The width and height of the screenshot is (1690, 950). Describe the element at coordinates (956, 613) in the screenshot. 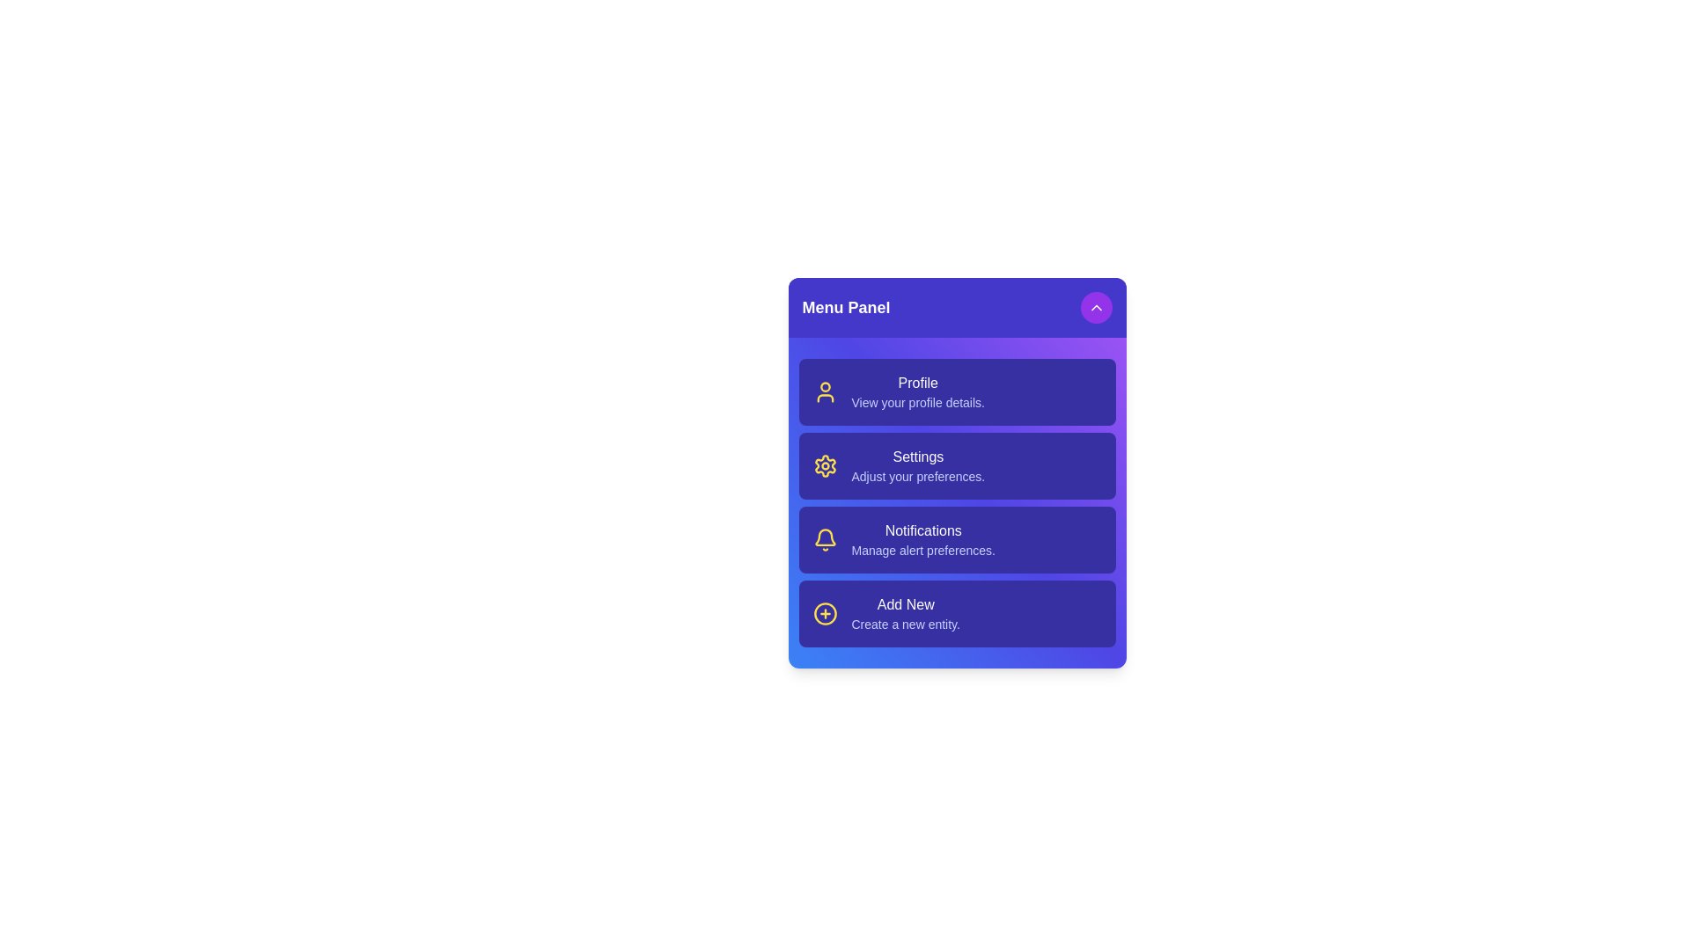

I see `the menu item Add New to trigger its hover effect` at that location.